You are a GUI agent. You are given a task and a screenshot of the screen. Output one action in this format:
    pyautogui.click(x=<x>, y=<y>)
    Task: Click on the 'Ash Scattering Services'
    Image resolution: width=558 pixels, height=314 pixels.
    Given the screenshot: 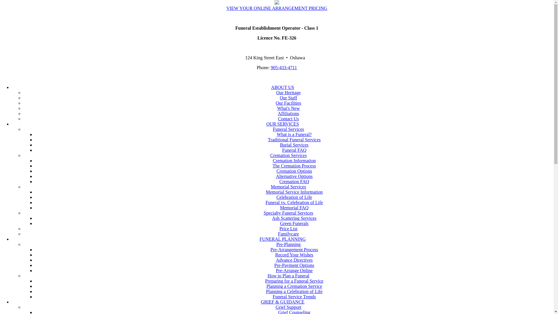 What is the action you would take?
    pyautogui.click(x=294, y=218)
    